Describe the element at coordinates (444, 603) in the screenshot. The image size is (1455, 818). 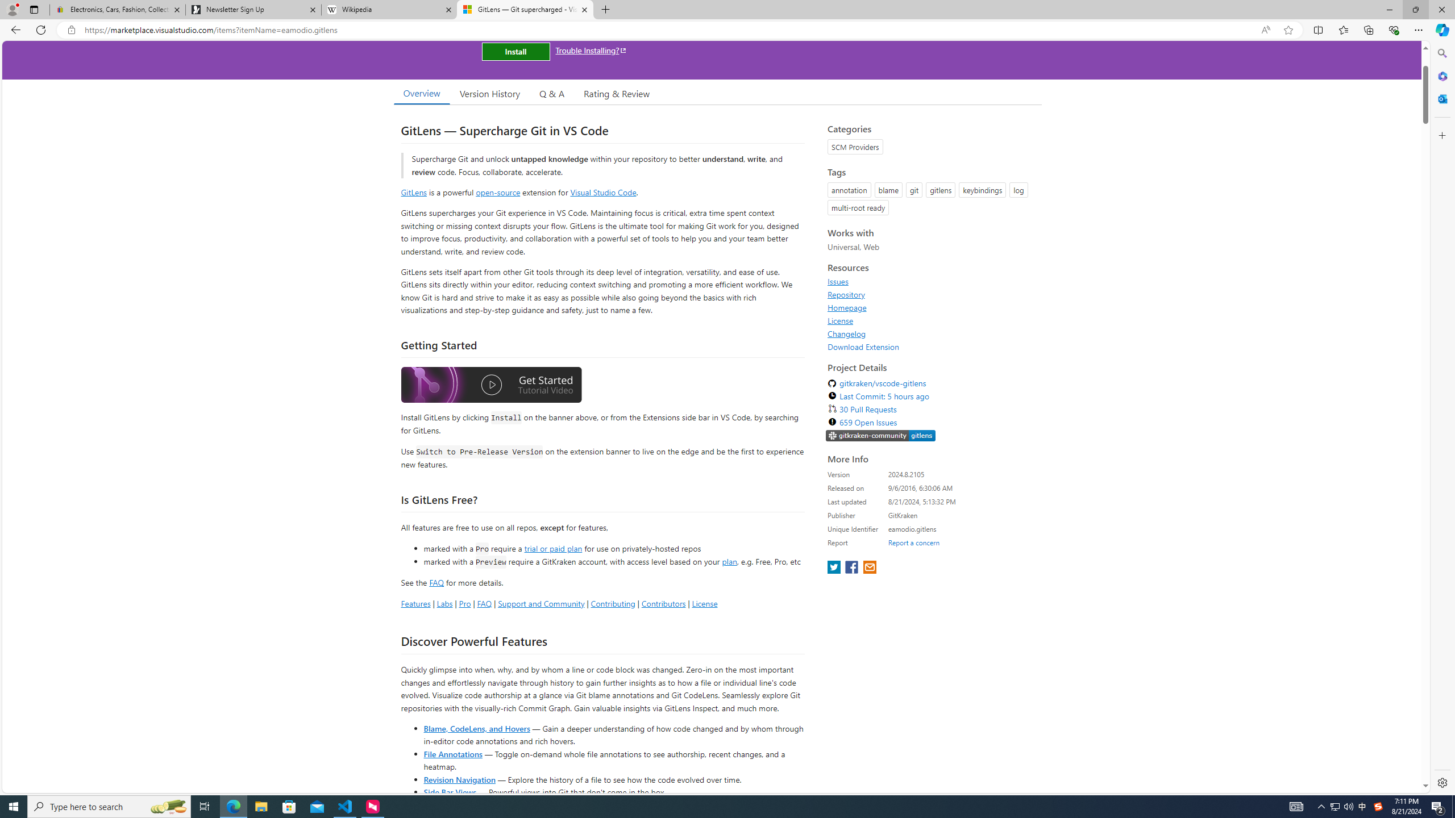
I see `'Labs'` at that location.